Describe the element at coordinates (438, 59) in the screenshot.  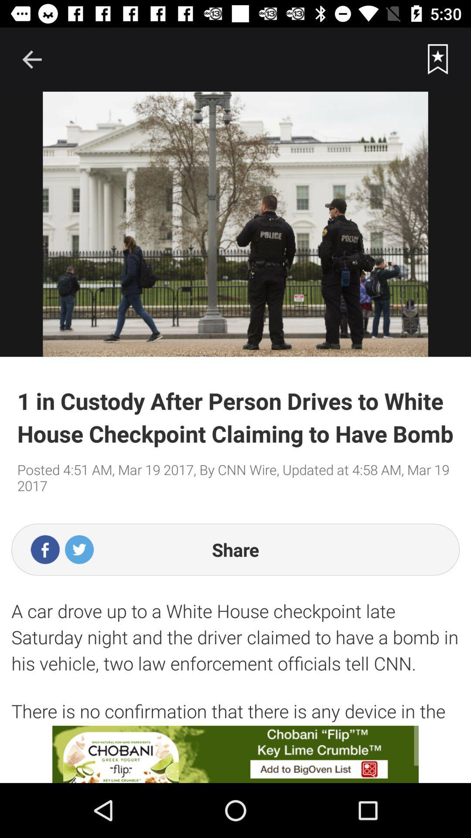
I see `mark this page` at that location.